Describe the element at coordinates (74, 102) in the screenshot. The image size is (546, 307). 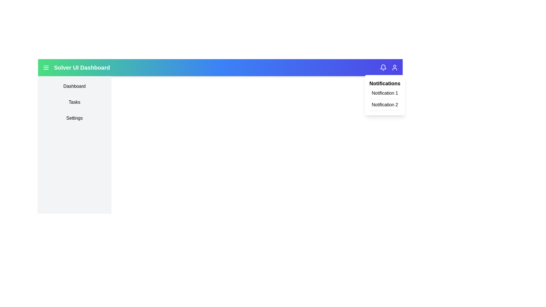
I see `the Navigation menu options, which include 'Dashboard,' 'Tasks,' and 'Settings,'` at that location.